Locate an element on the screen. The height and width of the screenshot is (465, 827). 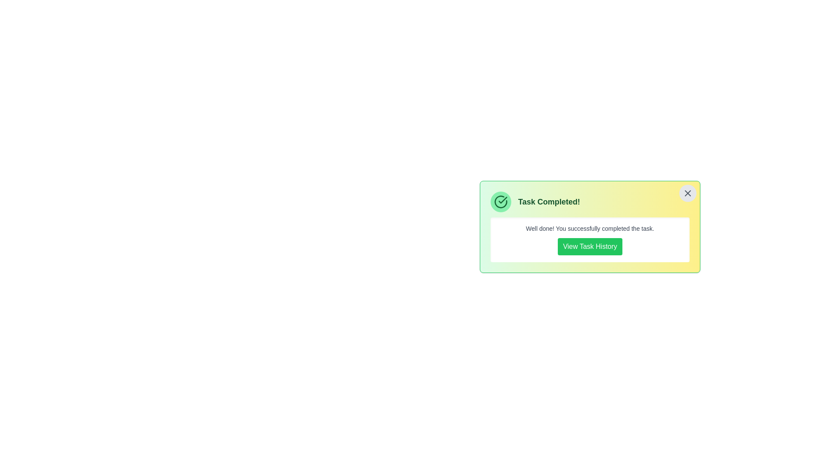
the 'View Task History' button to observe the hover effect is located at coordinates (589, 247).